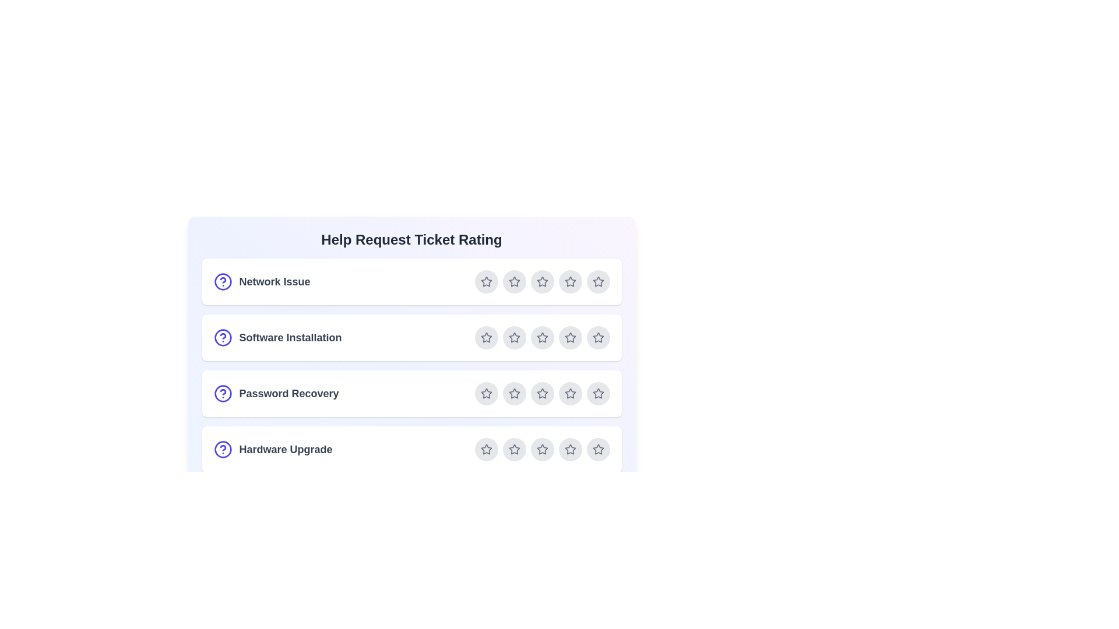 The height and width of the screenshot is (629, 1119). What do you see at coordinates (513, 337) in the screenshot?
I see `the star corresponding to 2 for the ticket Software Installation` at bounding box center [513, 337].